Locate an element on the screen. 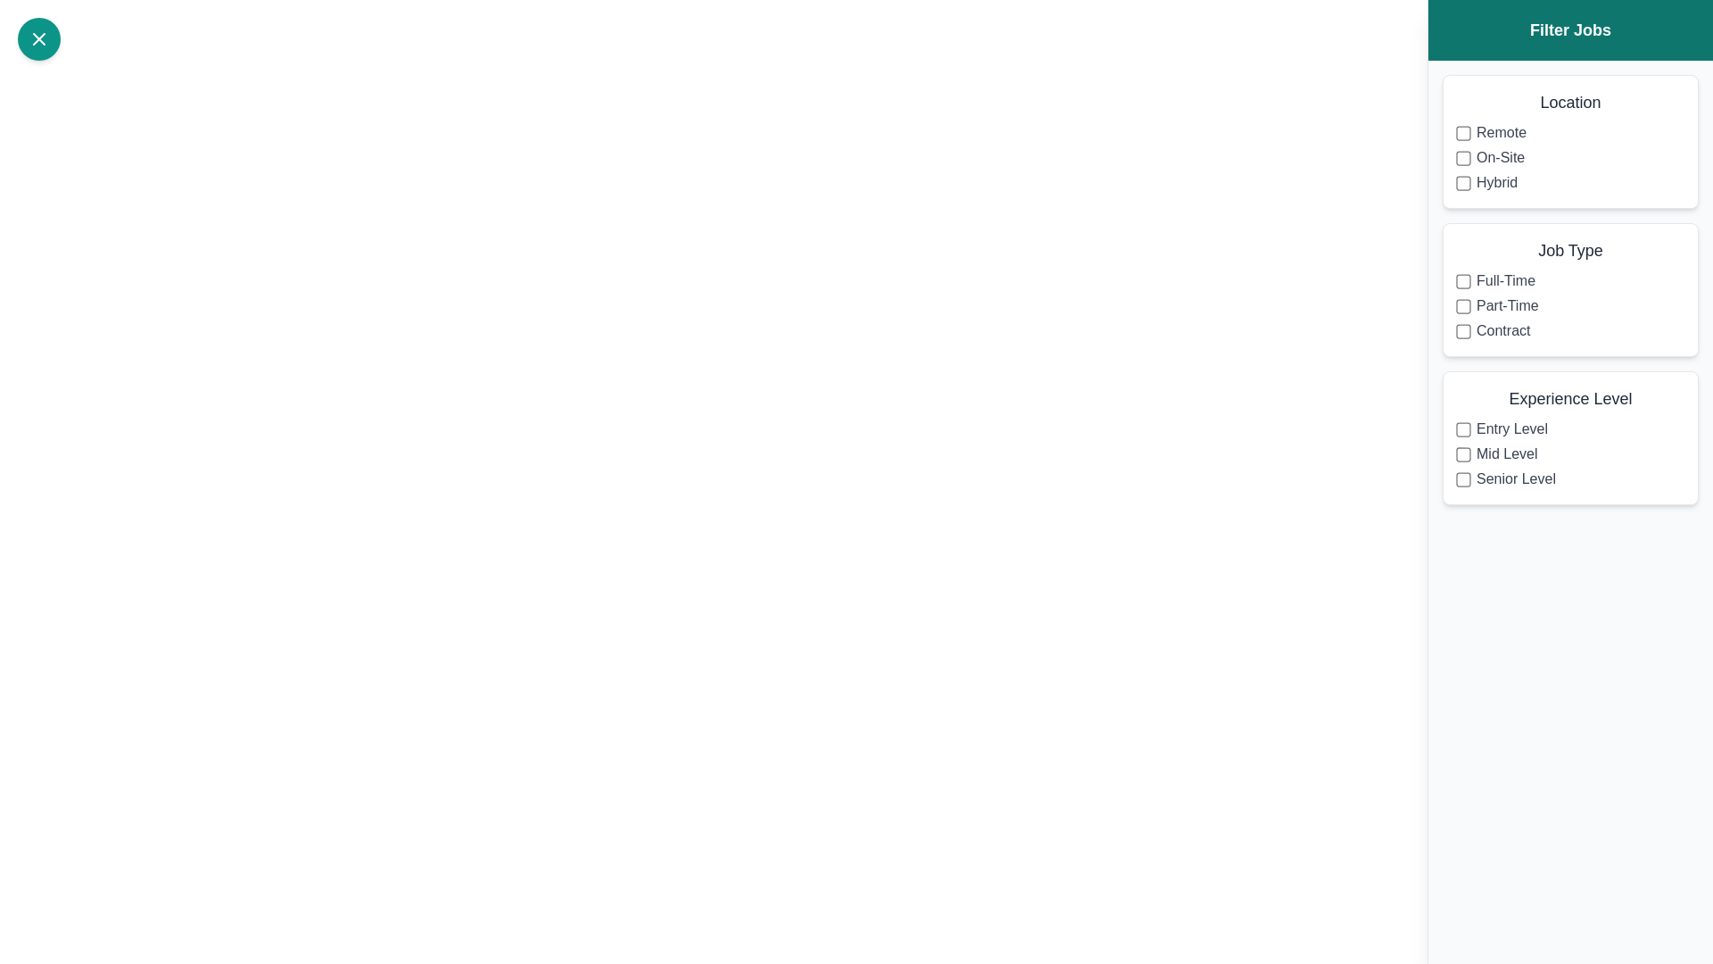  the filter option Part-Time is located at coordinates (1463, 305).